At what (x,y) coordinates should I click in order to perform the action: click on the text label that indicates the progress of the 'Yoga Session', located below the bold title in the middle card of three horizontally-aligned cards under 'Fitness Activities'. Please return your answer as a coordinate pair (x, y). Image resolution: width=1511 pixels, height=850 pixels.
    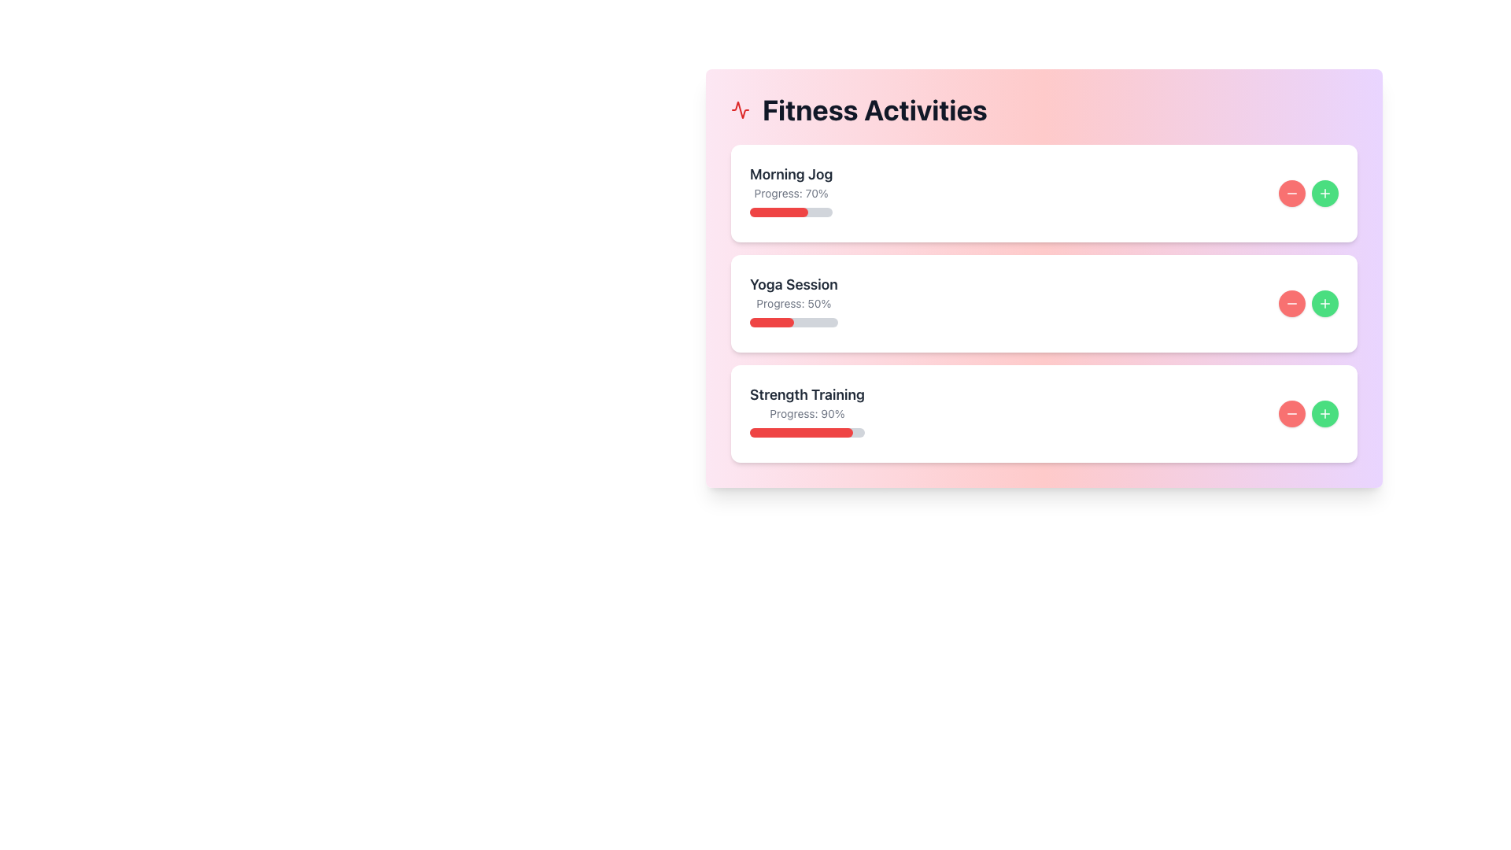
    Looking at the image, I should click on (793, 303).